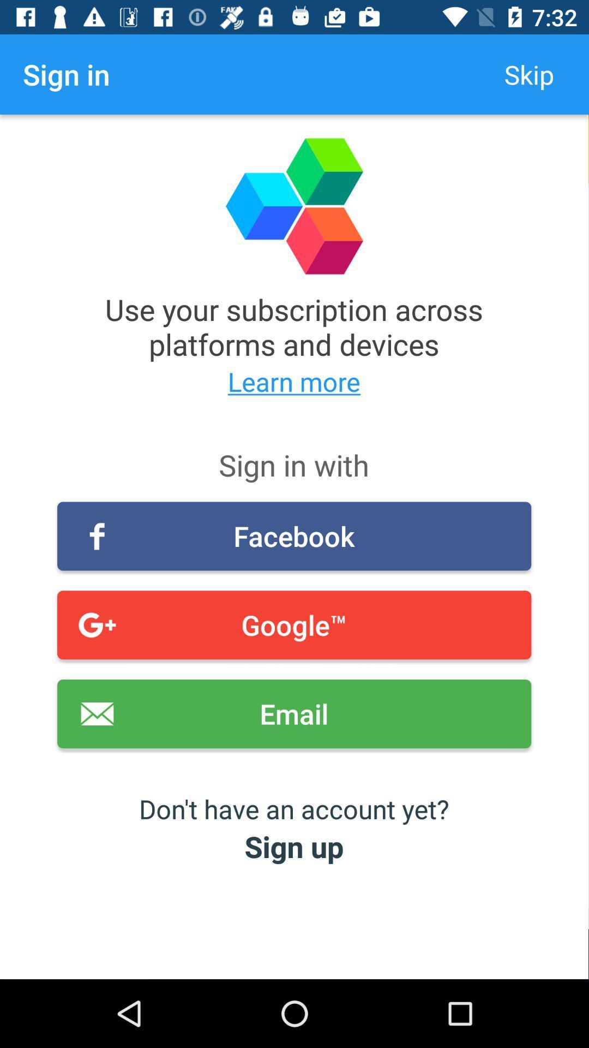 The image size is (589, 1048). I want to click on learn more, so click(293, 382).